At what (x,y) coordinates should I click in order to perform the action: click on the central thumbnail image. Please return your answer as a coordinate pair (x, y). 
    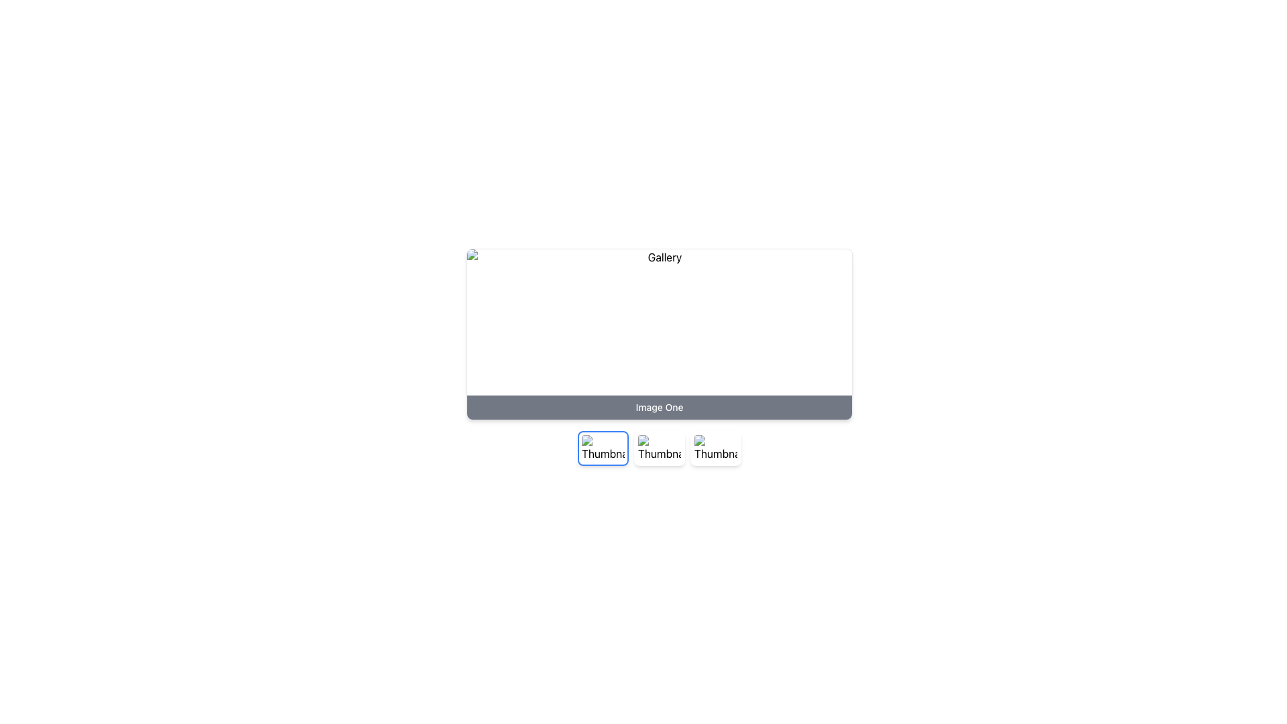
    Looking at the image, I should click on (659, 448).